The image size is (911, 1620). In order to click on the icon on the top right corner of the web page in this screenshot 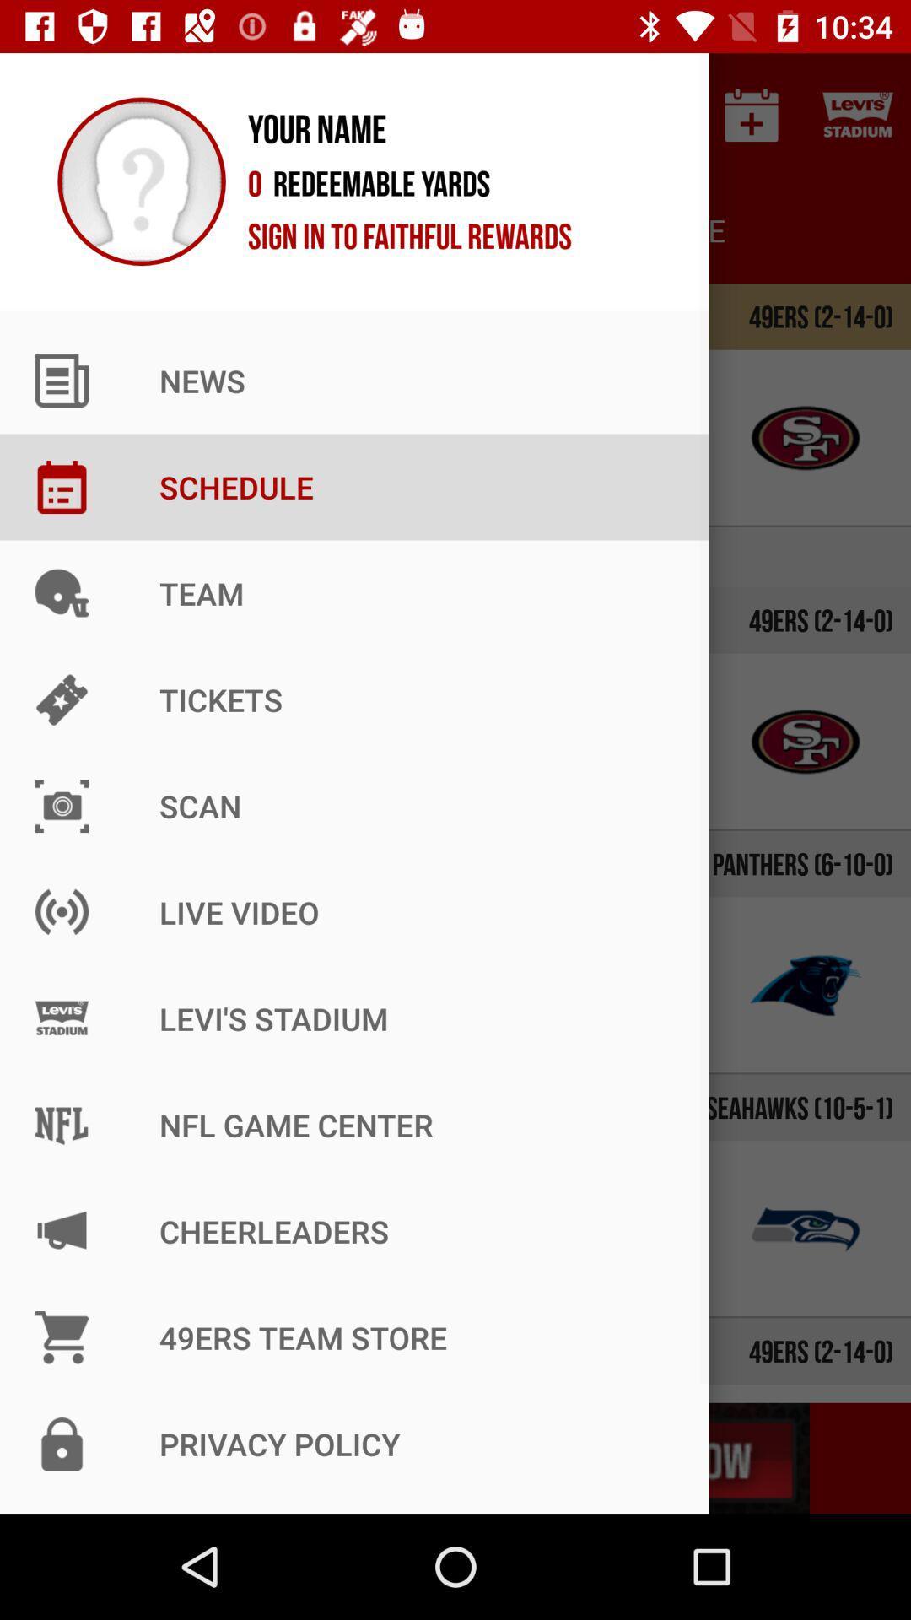, I will do `click(858, 115)`.